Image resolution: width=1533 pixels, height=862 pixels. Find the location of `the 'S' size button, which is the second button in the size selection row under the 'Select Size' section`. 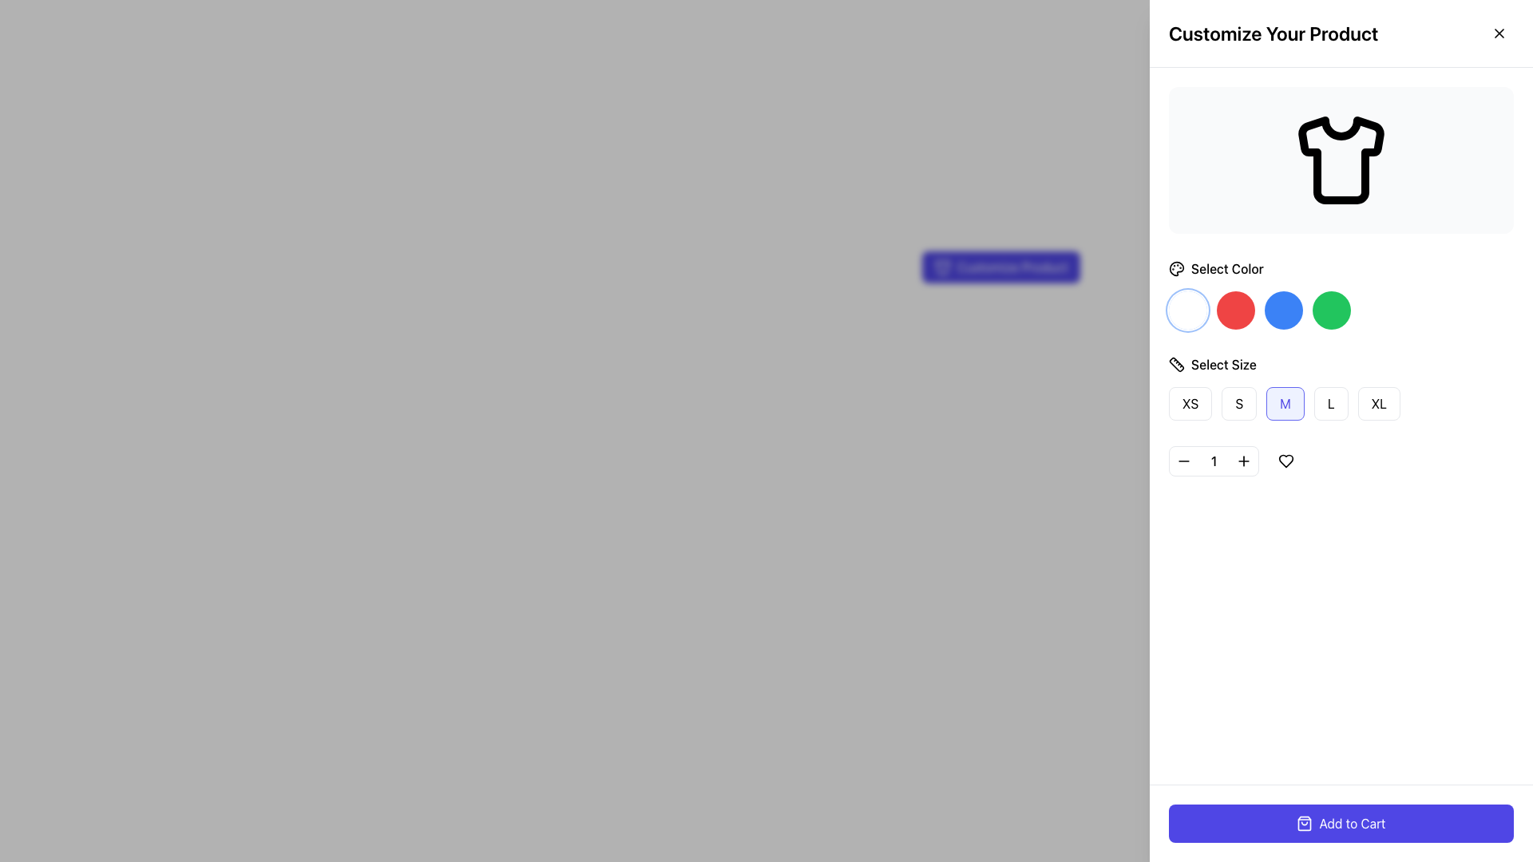

the 'S' size button, which is the second button in the size selection row under the 'Select Size' section is located at coordinates (1238, 402).